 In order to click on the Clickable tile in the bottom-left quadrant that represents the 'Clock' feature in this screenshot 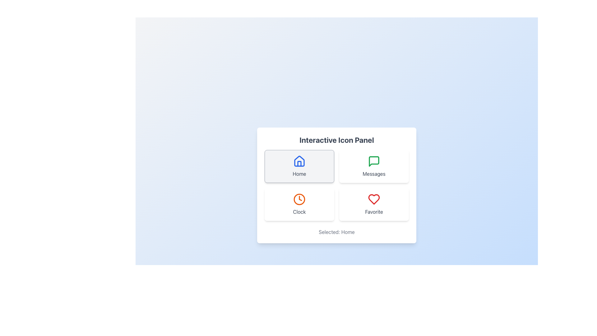, I will do `click(299, 204)`.